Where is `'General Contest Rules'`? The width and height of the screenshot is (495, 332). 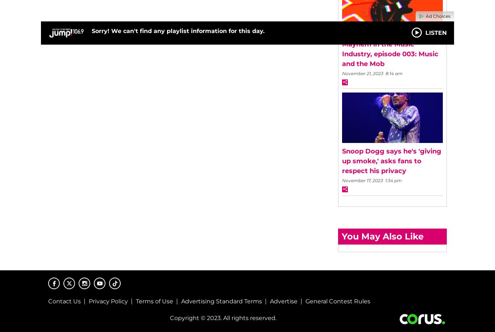 'General Contest Rules' is located at coordinates (305, 301).